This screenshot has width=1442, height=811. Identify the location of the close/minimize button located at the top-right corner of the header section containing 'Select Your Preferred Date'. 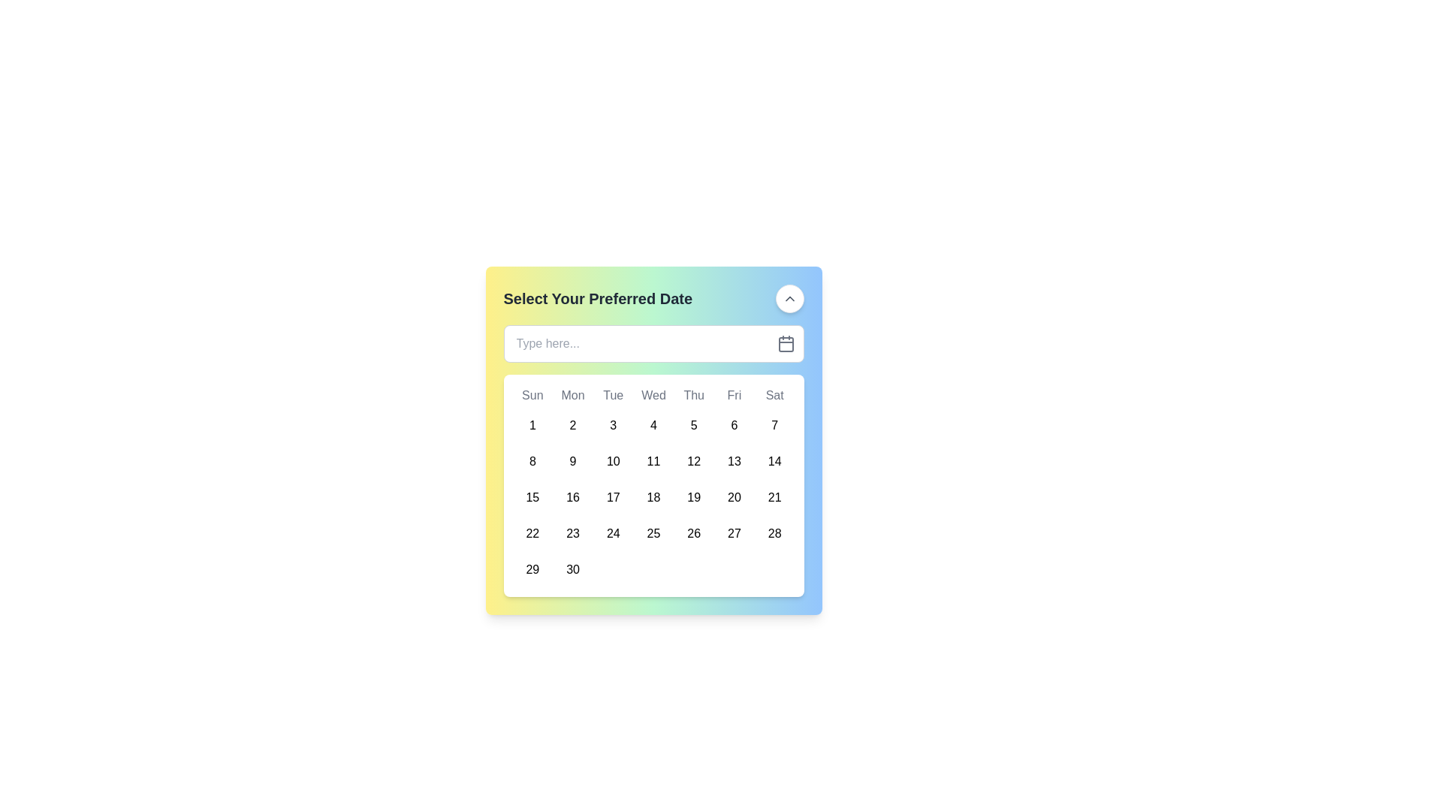
(789, 298).